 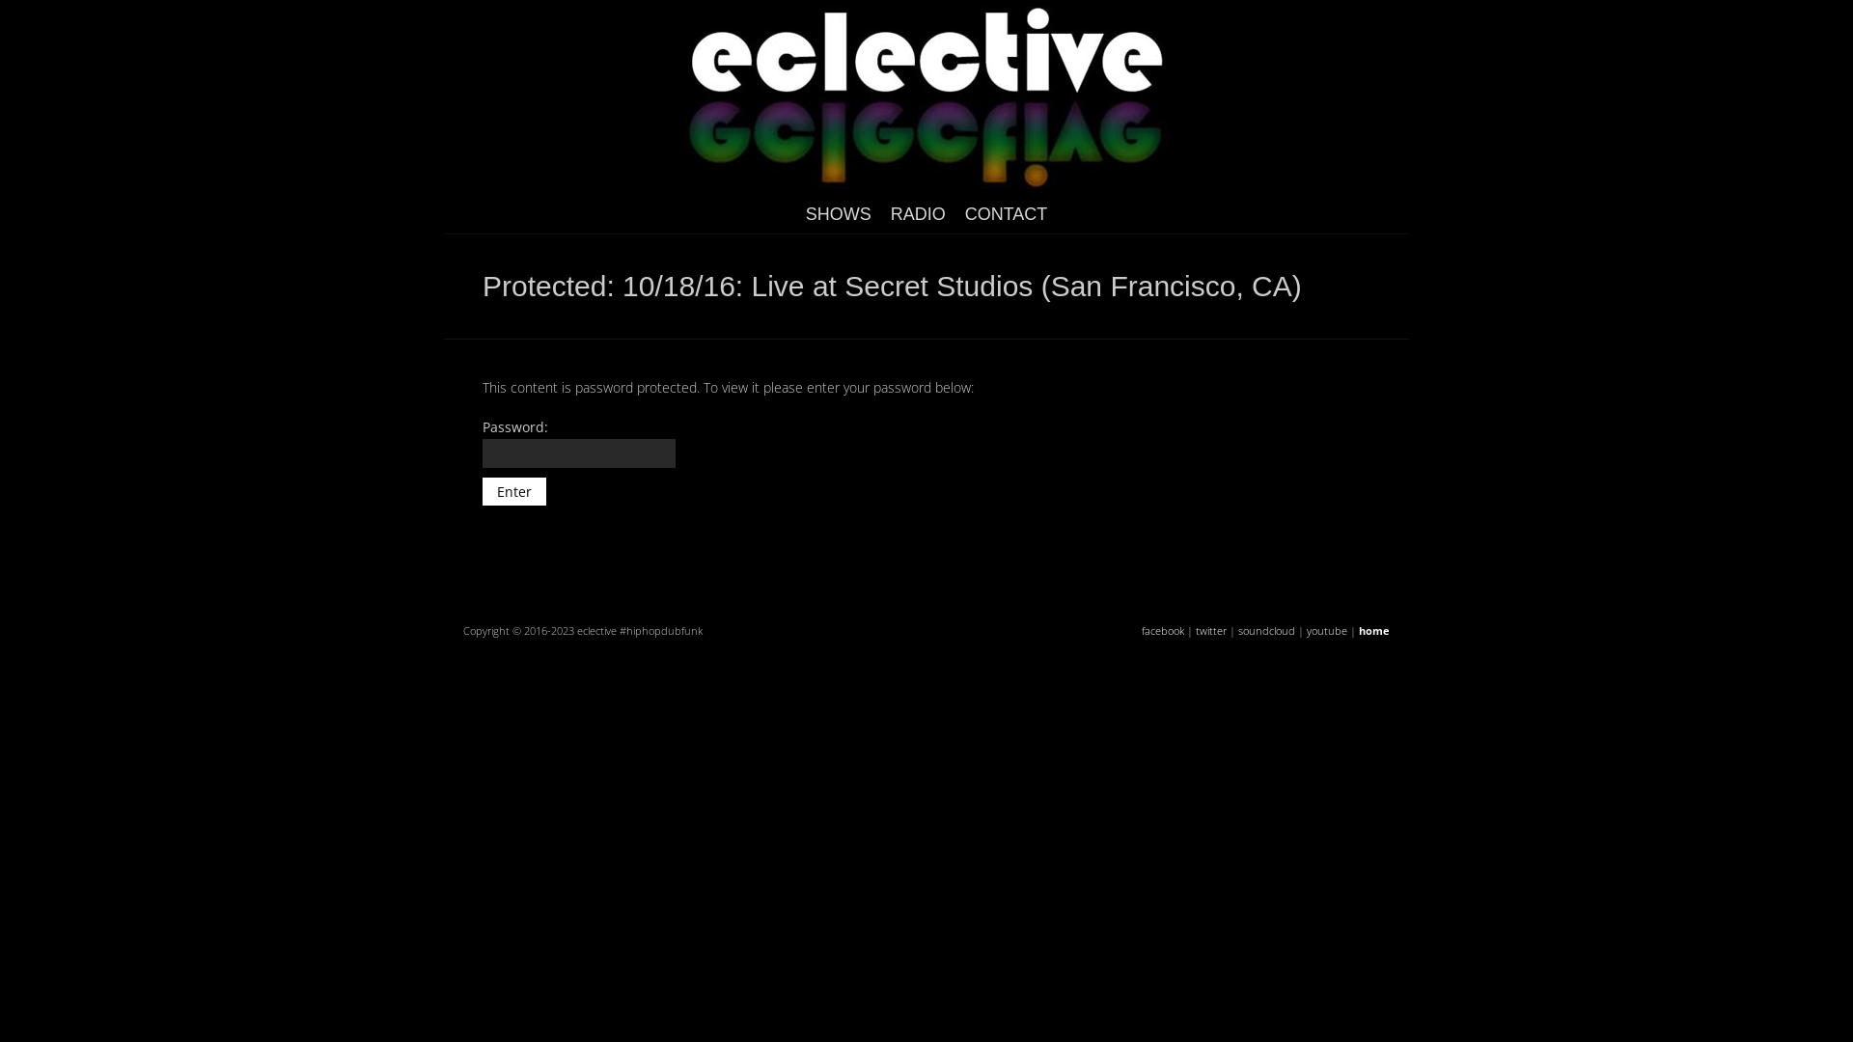 What do you see at coordinates (1373, 630) in the screenshot?
I see `'home'` at bounding box center [1373, 630].